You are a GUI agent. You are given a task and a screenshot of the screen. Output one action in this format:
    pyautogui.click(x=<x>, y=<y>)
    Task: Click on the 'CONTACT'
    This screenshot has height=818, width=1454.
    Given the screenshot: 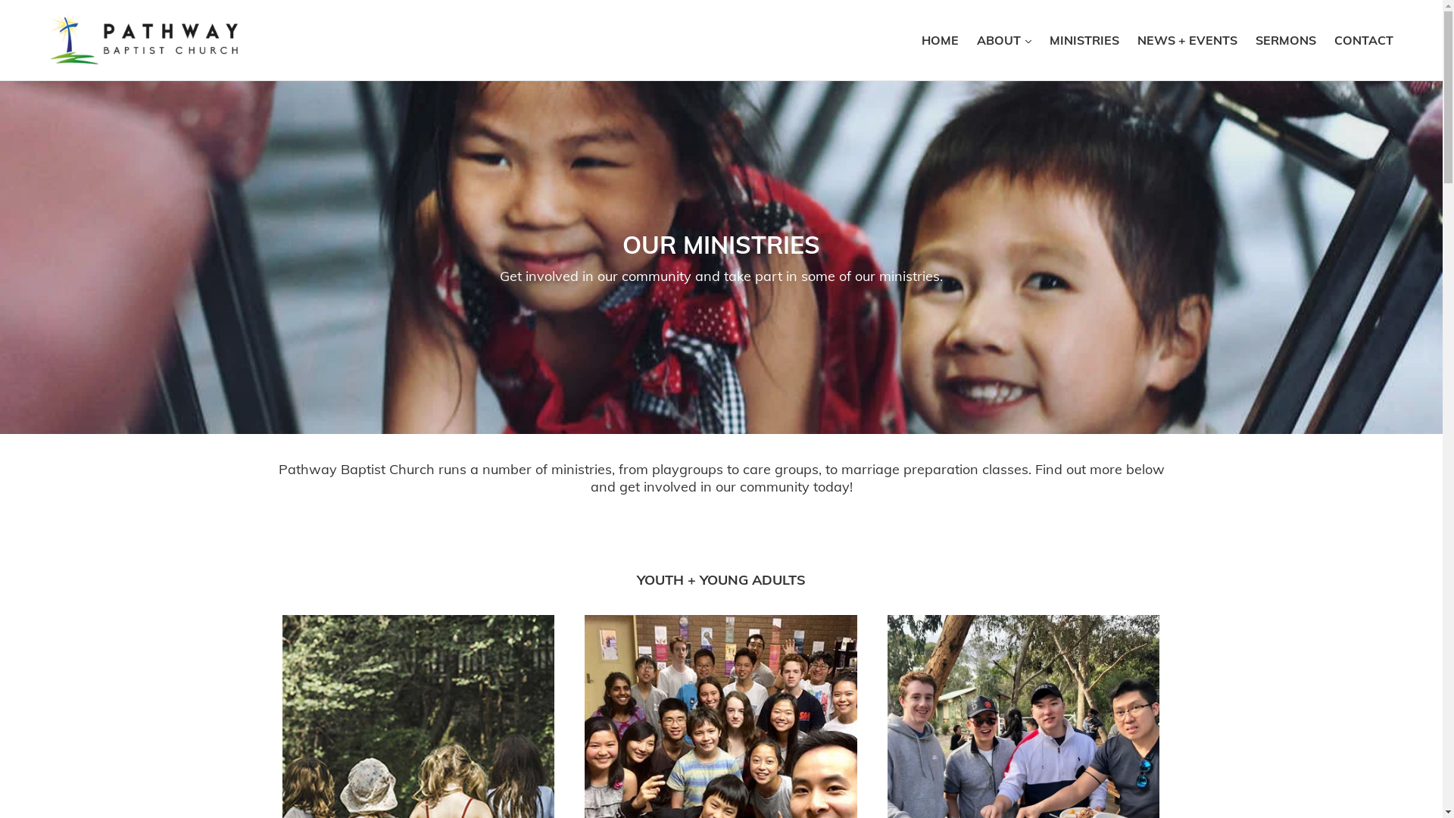 What is the action you would take?
    pyautogui.click(x=1363, y=39)
    